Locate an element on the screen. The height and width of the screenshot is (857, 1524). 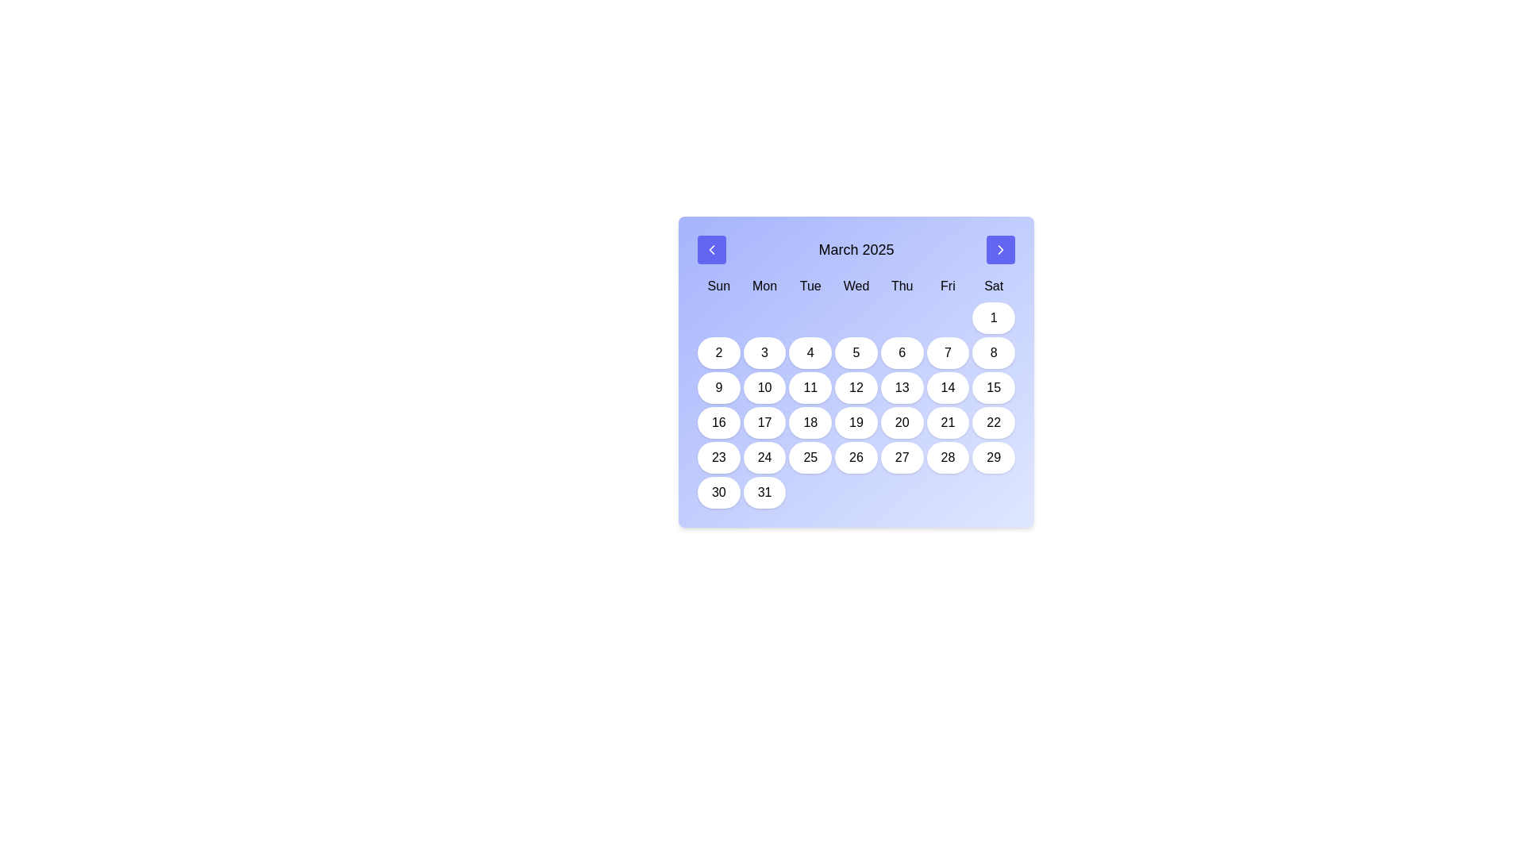
the circular button with a white background and the number '13' in black font, which is part of the calendar grid is located at coordinates (902, 388).